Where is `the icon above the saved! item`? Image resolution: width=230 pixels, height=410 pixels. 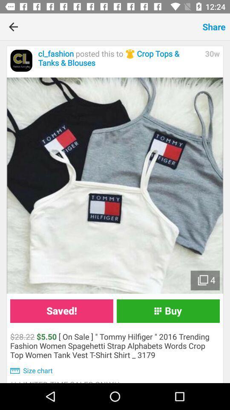
the icon above the saved! item is located at coordinates (115, 185).